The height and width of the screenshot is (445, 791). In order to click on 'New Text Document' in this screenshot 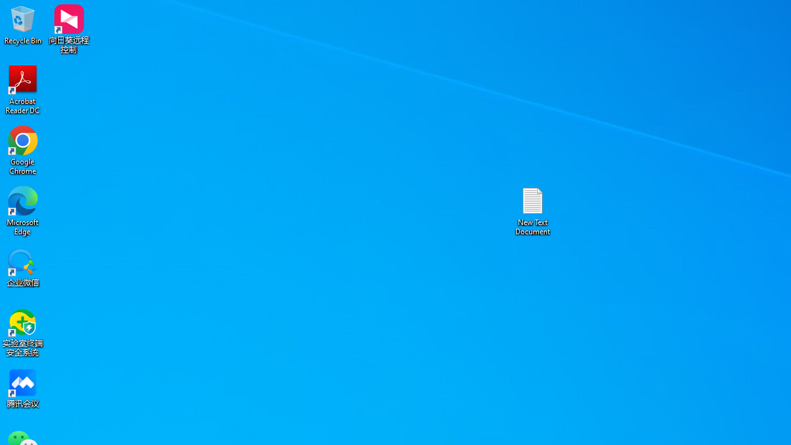, I will do `click(533, 210)`.